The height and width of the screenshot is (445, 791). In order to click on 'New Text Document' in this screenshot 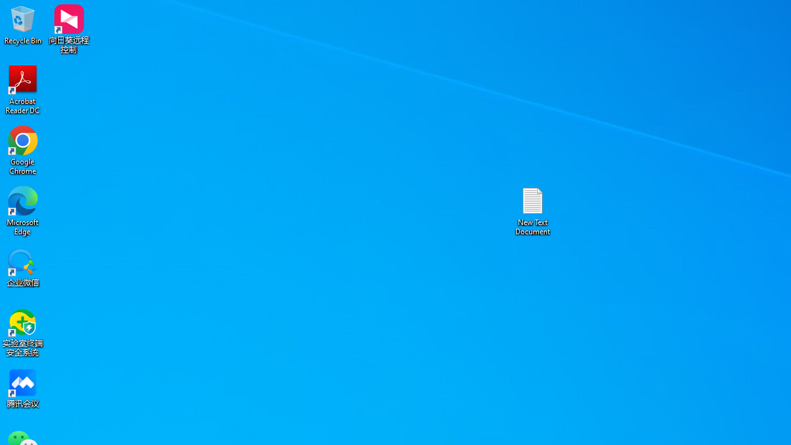, I will do `click(533, 210)`.